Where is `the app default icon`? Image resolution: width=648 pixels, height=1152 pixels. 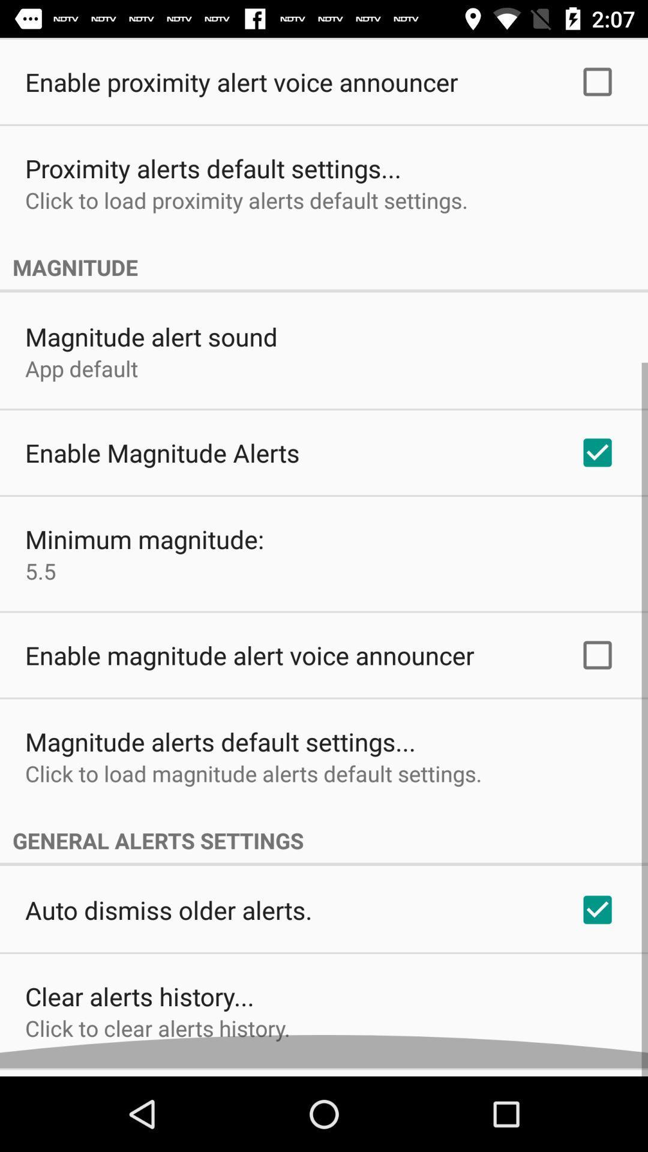
the app default icon is located at coordinates (81, 376).